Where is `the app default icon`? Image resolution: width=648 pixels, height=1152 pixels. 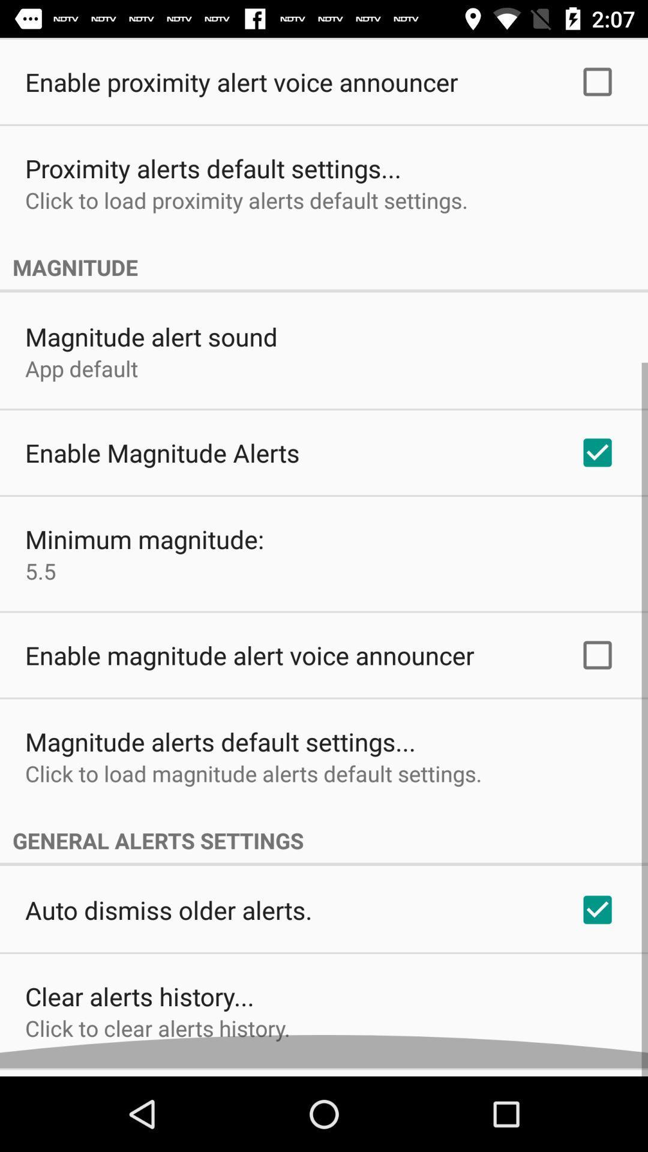
the app default icon is located at coordinates (81, 376).